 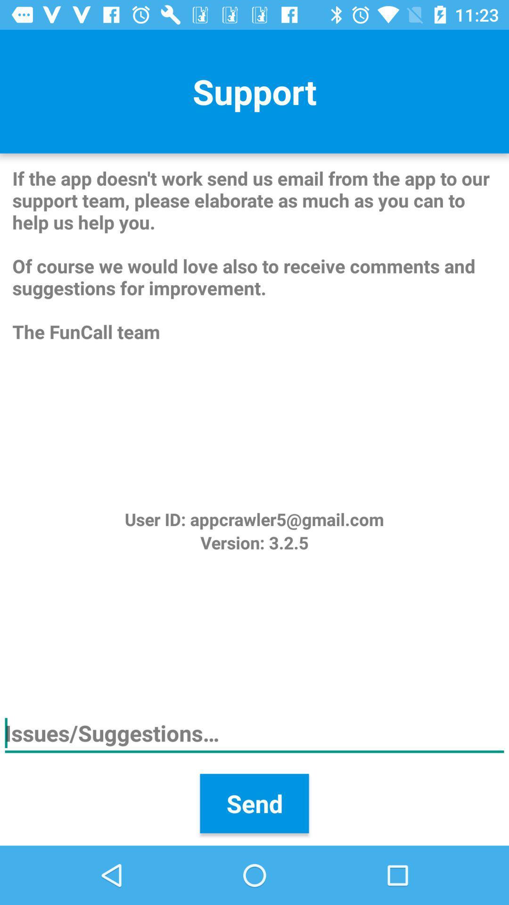 What do you see at coordinates (254, 518) in the screenshot?
I see `user id appcrawler5 item` at bounding box center [254, 518].